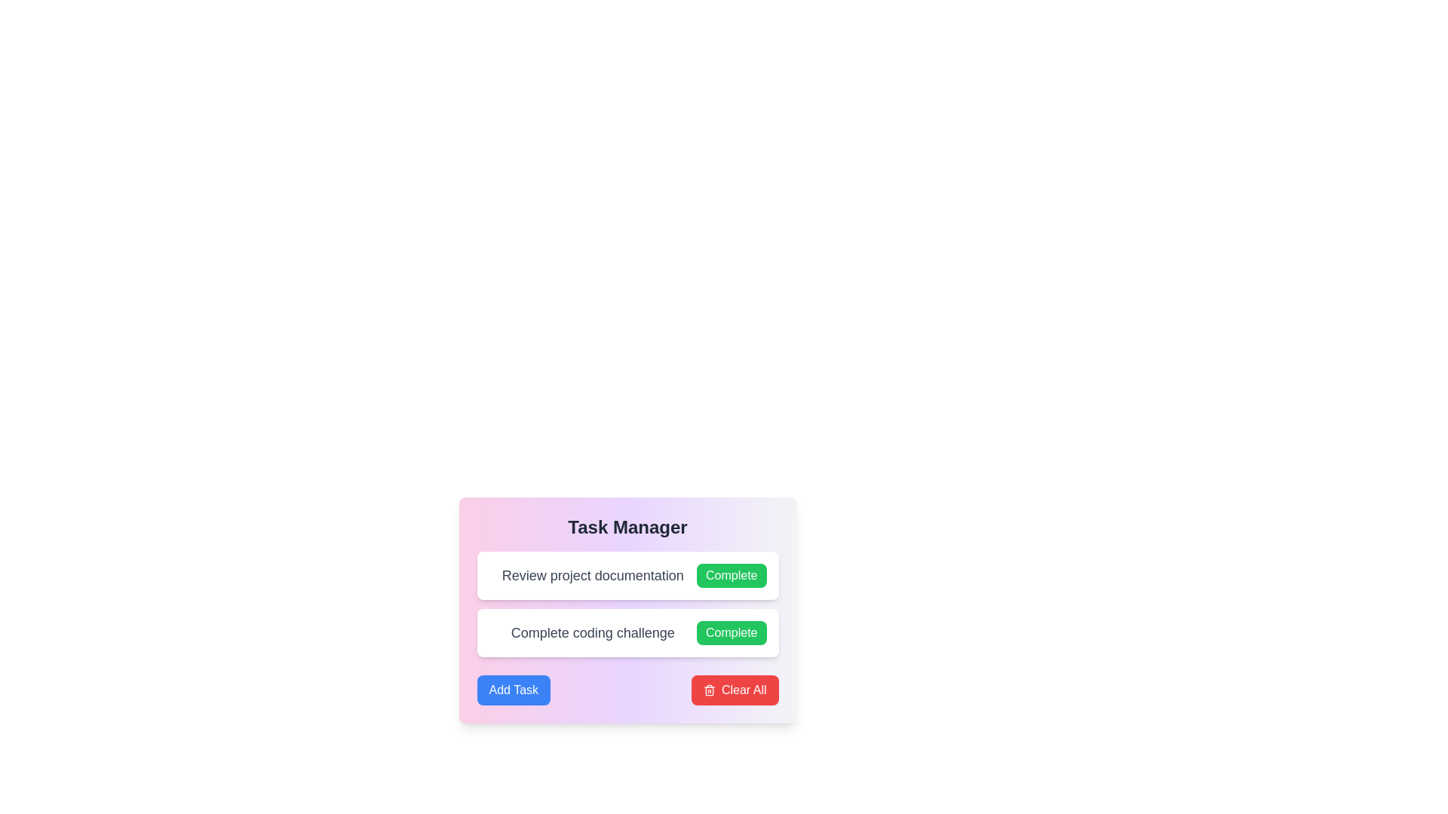 The height and width of the screenshot is (814, 1448). Describe the element at coordinates (735, 690) in the screenshot. I see `the 'Clear All' button located in the bottom-right corner of the task manager interface` at that location.